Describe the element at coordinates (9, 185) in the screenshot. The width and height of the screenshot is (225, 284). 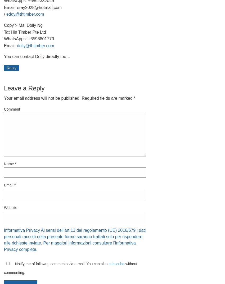
I see `'Email'` at that location.